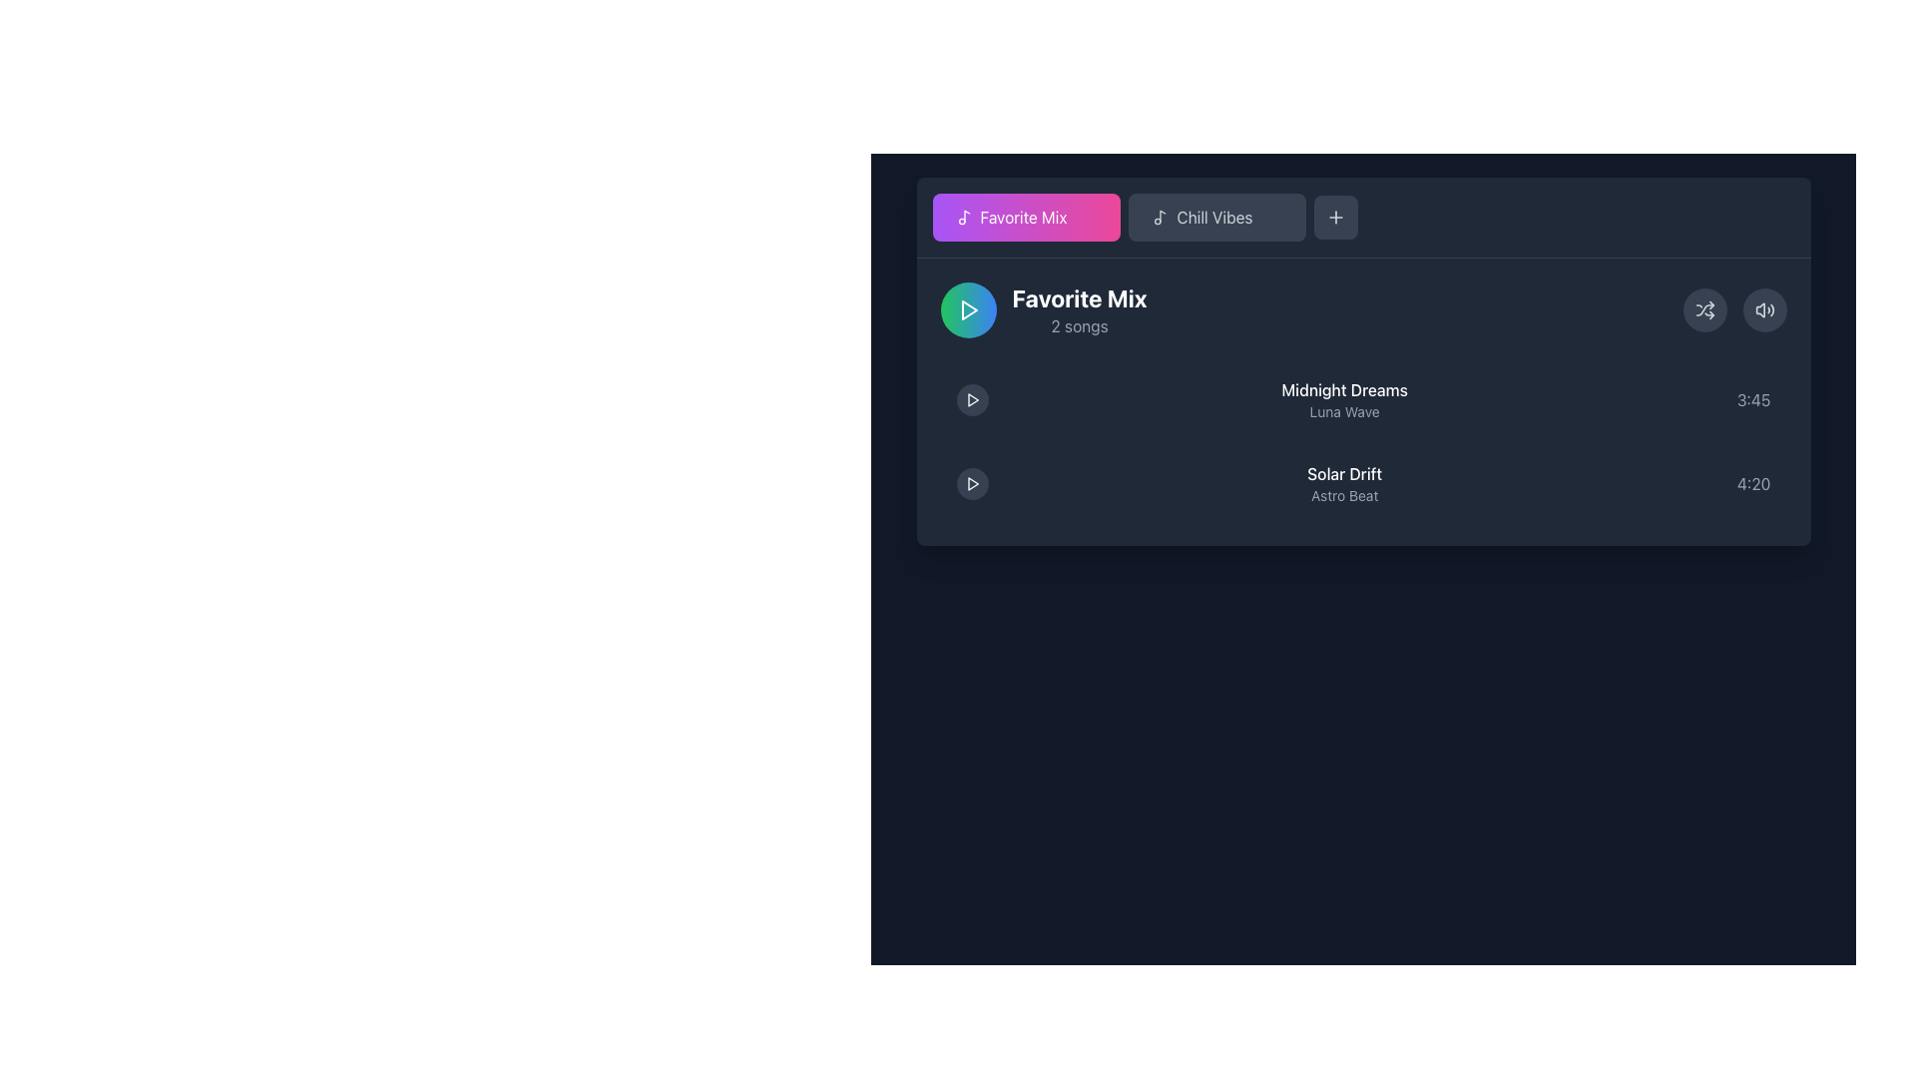  I want to click on the list item titled 'Midnight Dreams', so click(1362, 400).